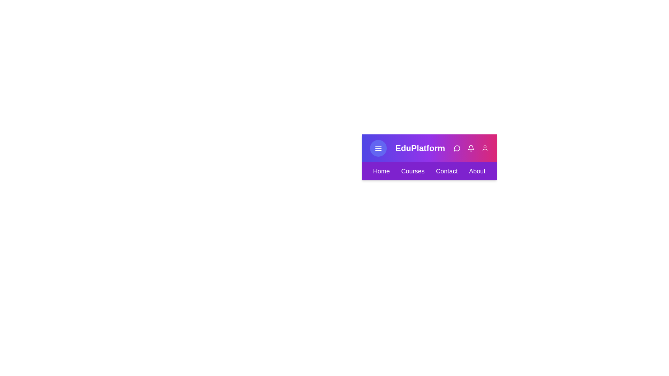 The image size is (669, 376). I want to click on the Contact navigation menu item, so click(447, 171).